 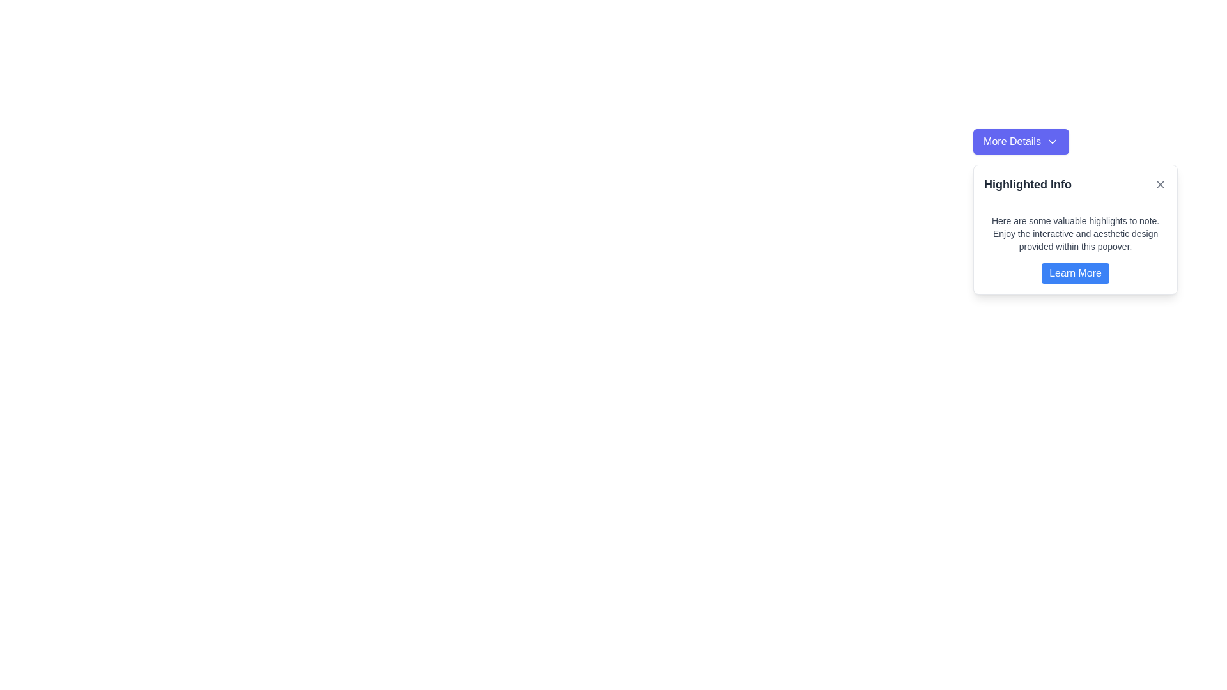 I want to click on the call-to-action button located near the bottom center of the 'Highlighted Info' popover, so click(x=1075, y=273).